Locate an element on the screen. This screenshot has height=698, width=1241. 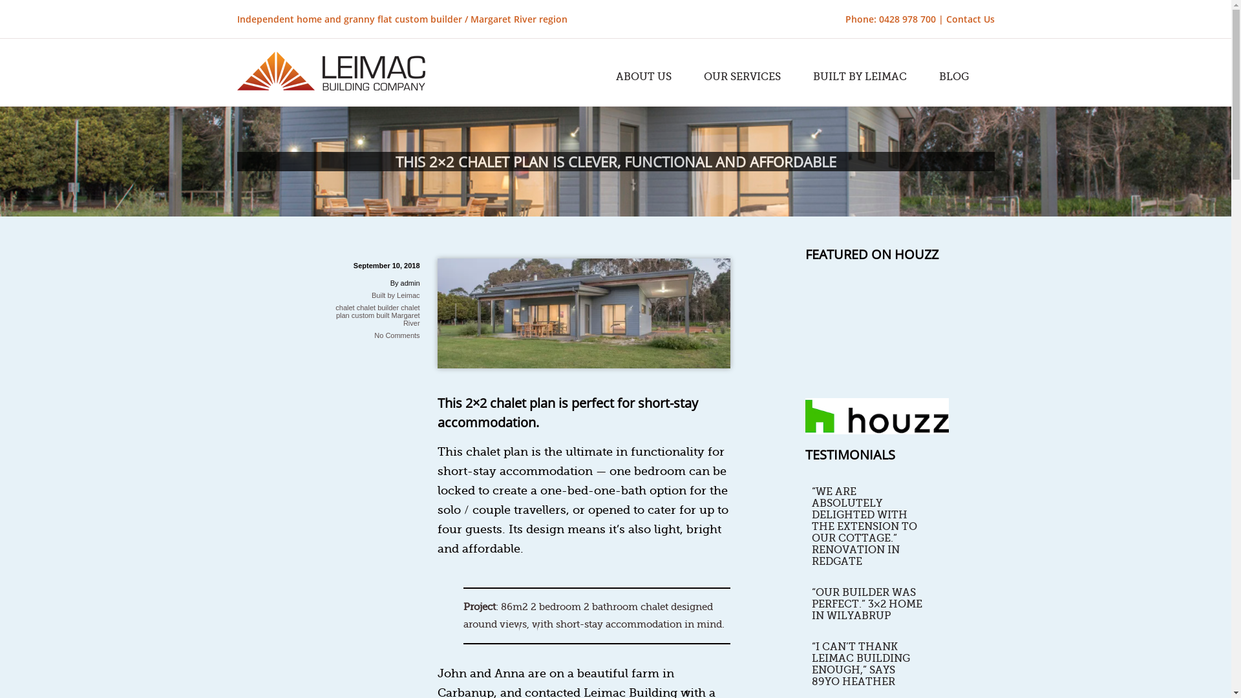
'chalet builder' is located at coordinates (377, 307).